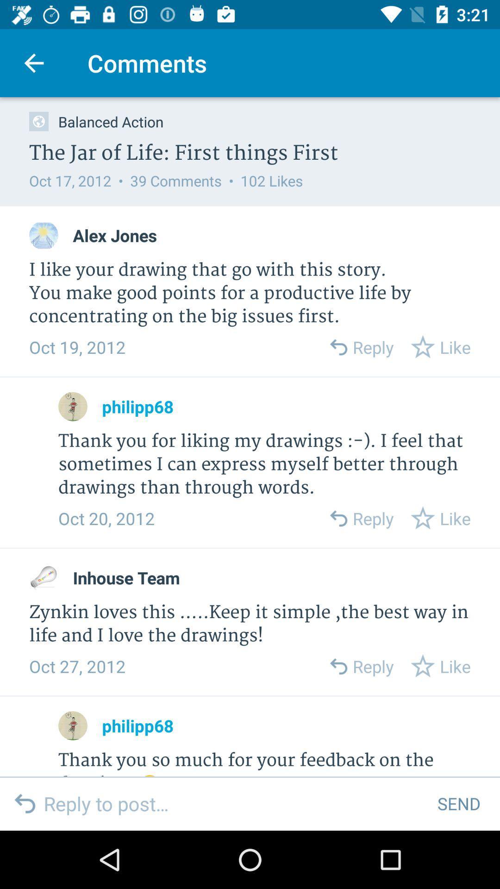 The height and width of the screenshot is (889, 500). Describe the element at coordinates (126, 577) in the screenshot. I see `inhouse team item` at that location.